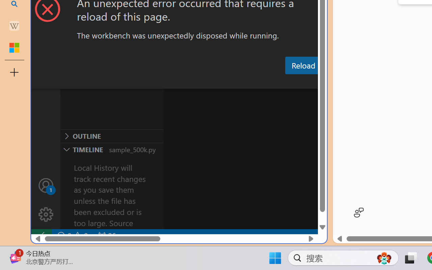 Image resolution: width=432 pixels, height=270 pixels. Describe the element at coordinates (41, 236) in the screenshot. I see `'remote'` at that location.